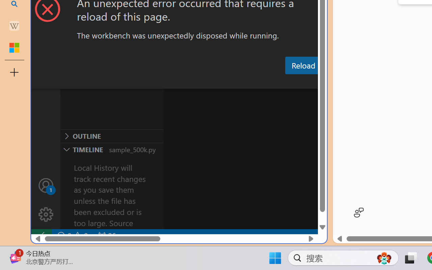 Image resolution: width=432 pixels, height=270 pixels. Describe the element at coordinates (41, 236) in the screenshot. I see `'remote'` at that location.